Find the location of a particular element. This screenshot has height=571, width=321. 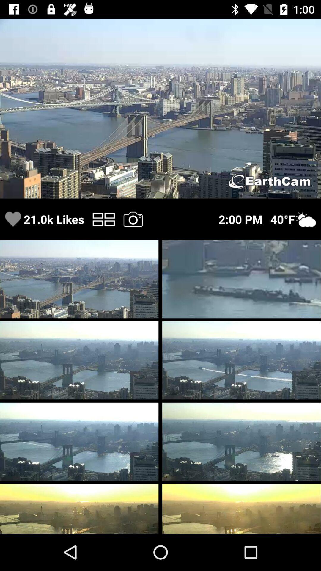

like is located at coordinates (13, 219).